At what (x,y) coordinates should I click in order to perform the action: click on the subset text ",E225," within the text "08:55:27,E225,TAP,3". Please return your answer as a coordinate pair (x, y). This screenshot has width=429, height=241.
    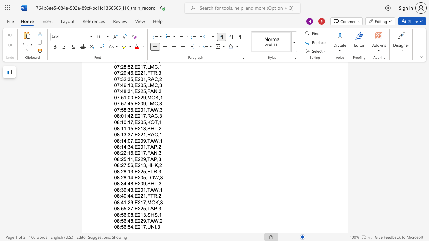
    Looking at the image, I should click on (133, 208).